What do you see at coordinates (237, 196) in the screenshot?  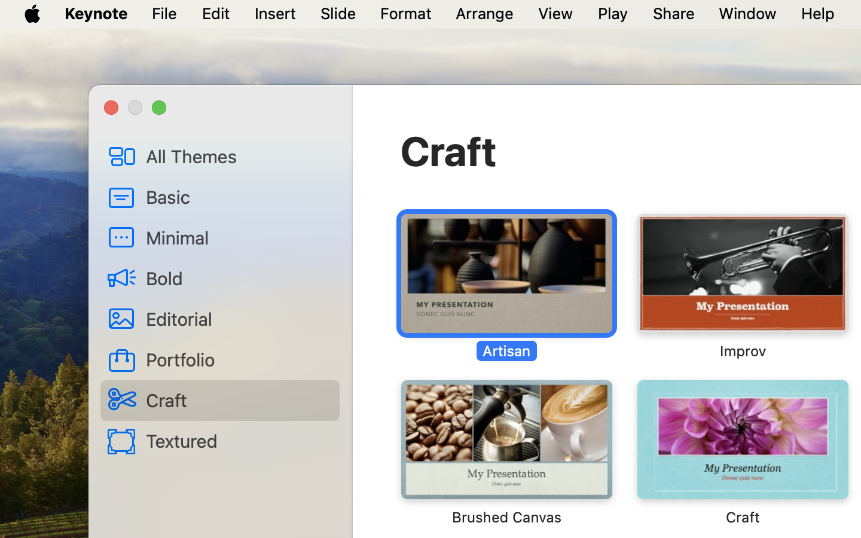 I see `'Basic'` at bounding box center [237, 196].